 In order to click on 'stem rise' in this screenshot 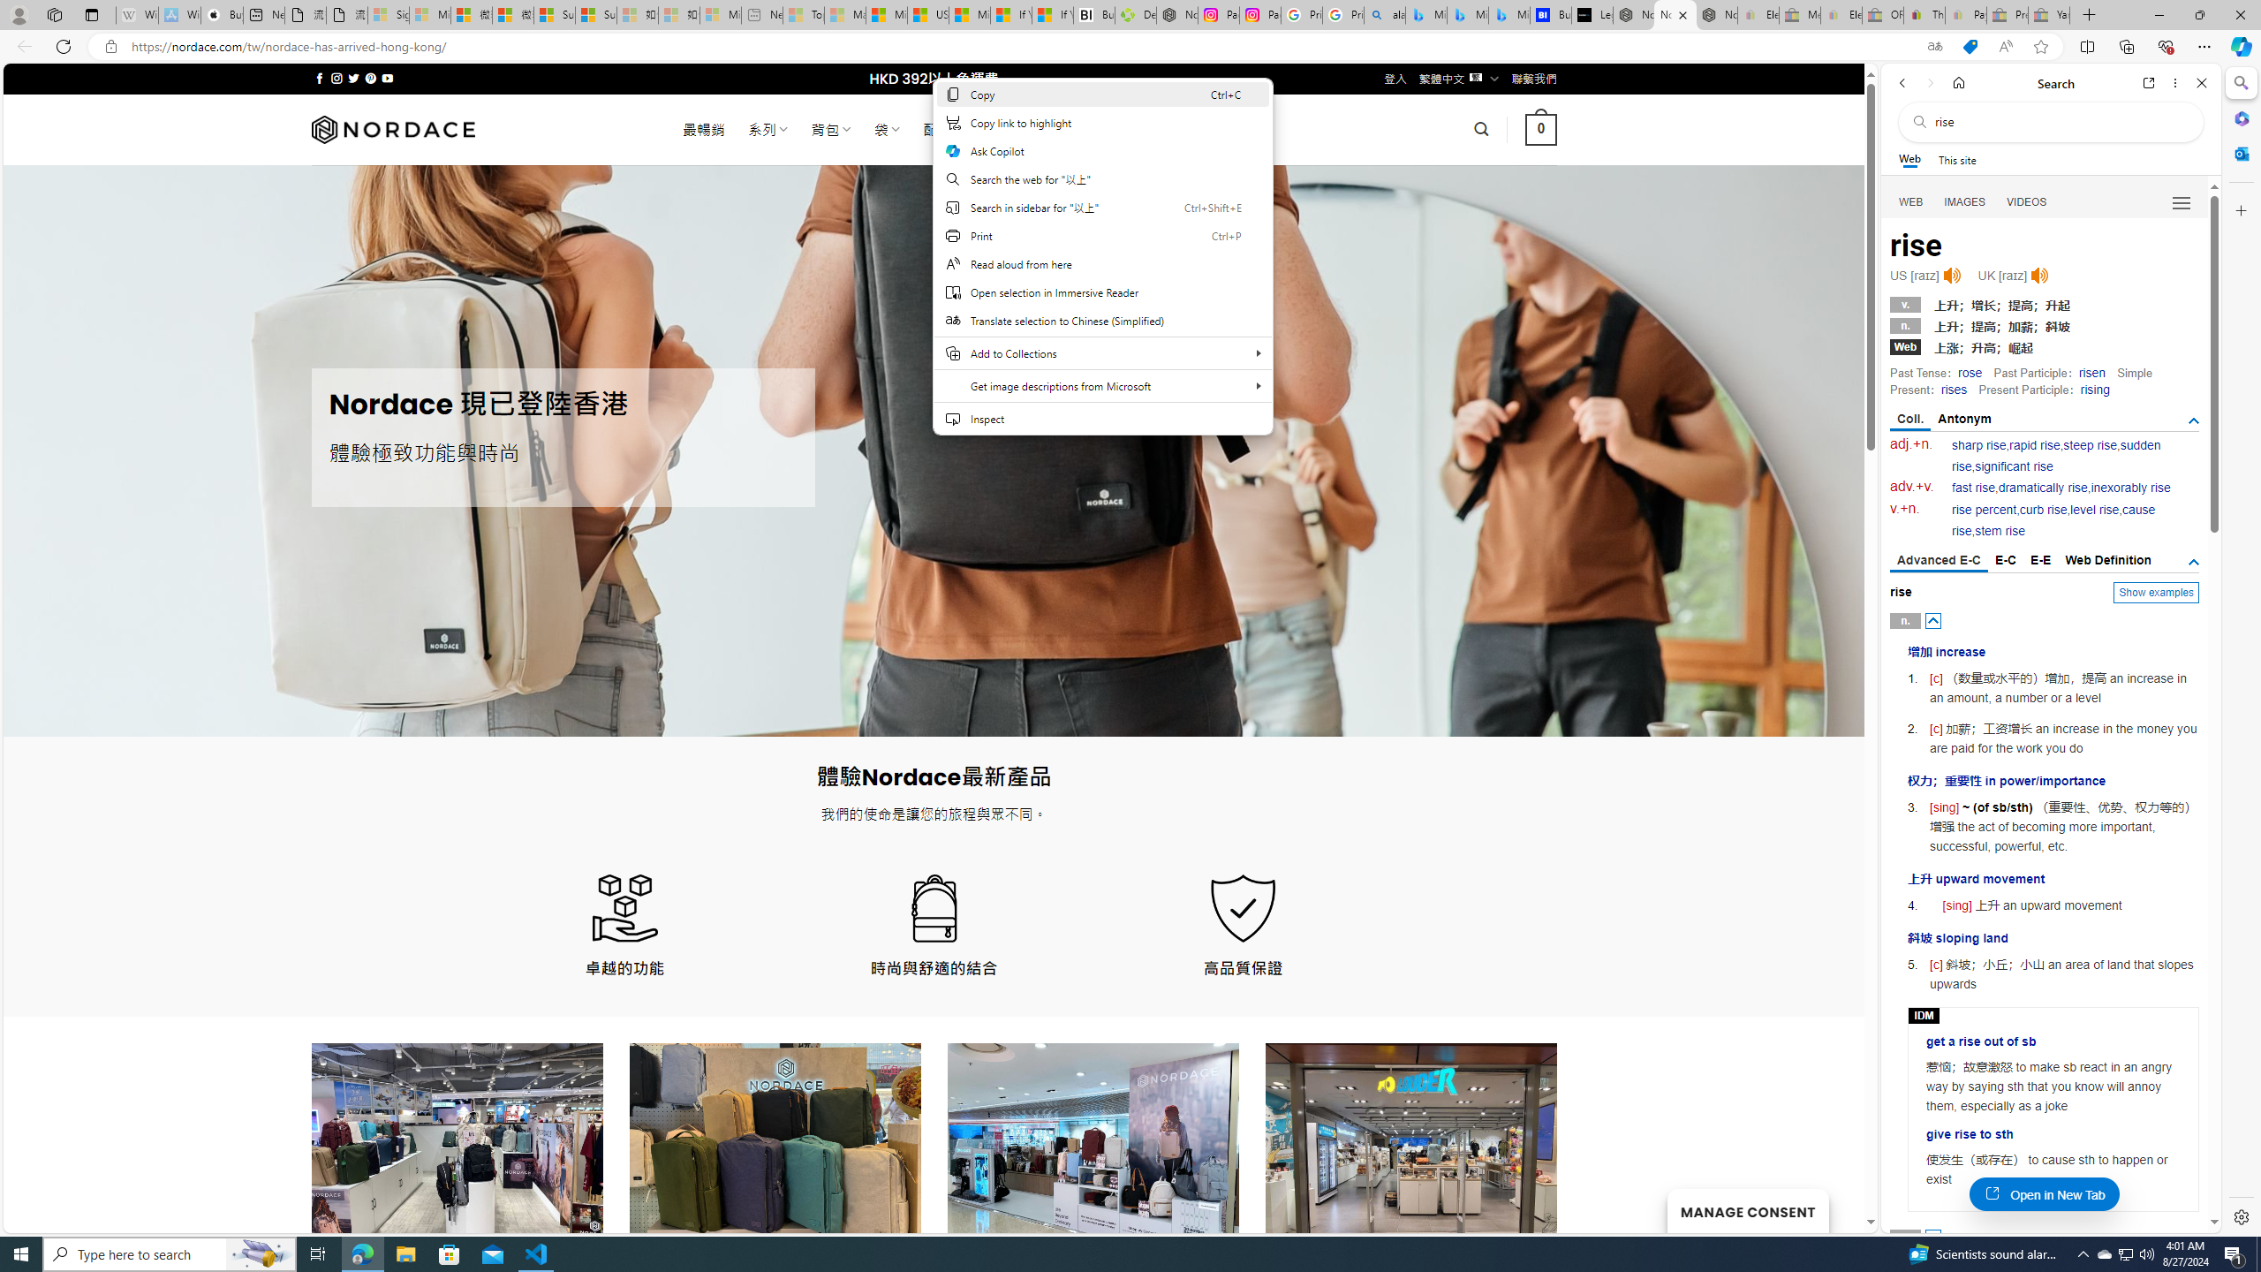, I will do `click(1999, 531)`.